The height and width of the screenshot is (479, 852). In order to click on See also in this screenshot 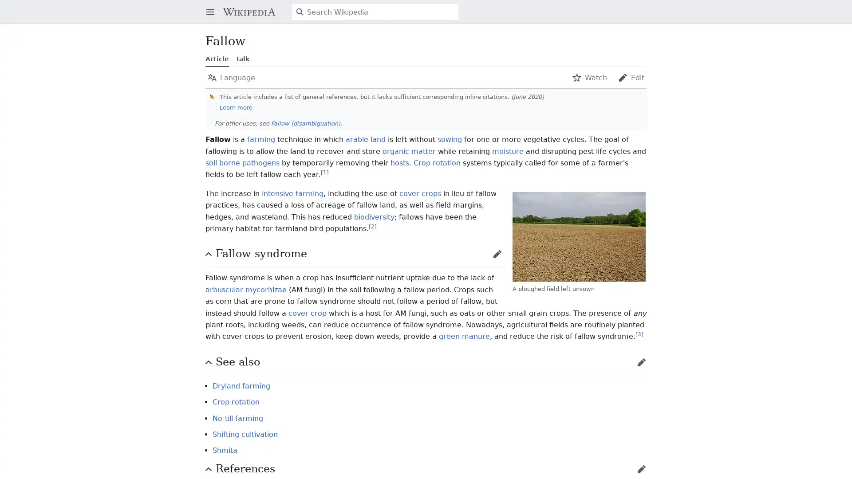, I will do `click(423, 362)`.